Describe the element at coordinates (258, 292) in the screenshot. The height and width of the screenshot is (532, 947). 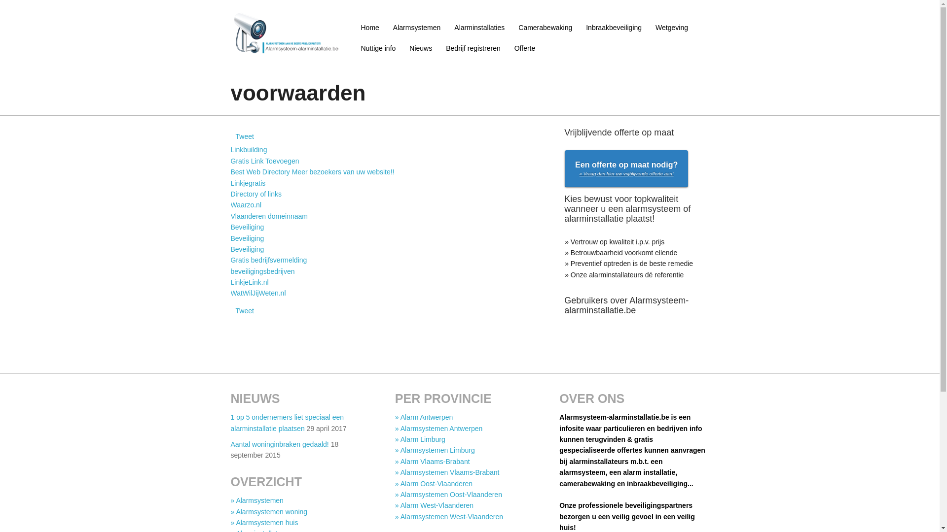
I see `'WatWilJijWeten.nl'` at that location.